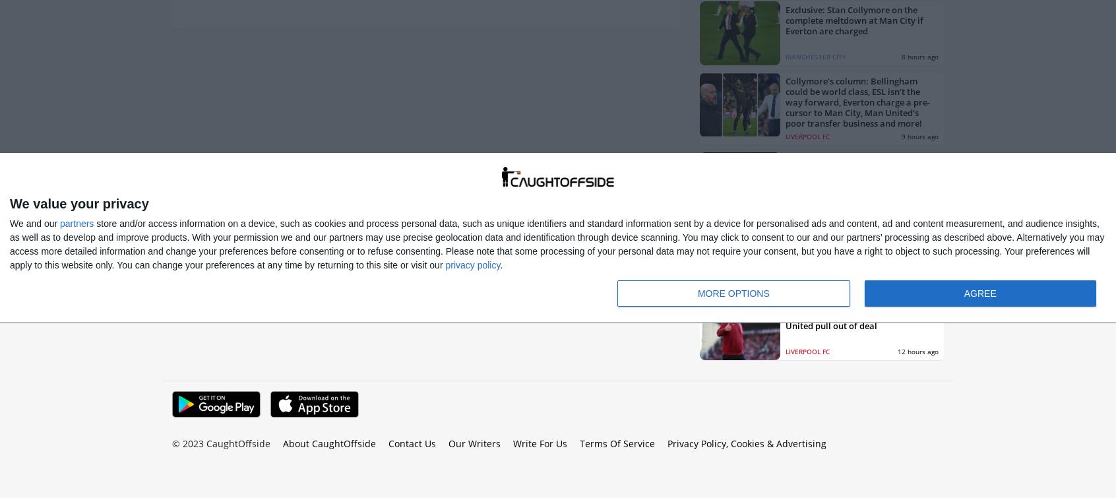 This screenshot has height=498, width=1116. Describe the element at coordinates (853, 19) in the screenshot. I see `'Exclusive: Stan Collymore on the complete meltdown at Man City if Everton are charged'` at that location.